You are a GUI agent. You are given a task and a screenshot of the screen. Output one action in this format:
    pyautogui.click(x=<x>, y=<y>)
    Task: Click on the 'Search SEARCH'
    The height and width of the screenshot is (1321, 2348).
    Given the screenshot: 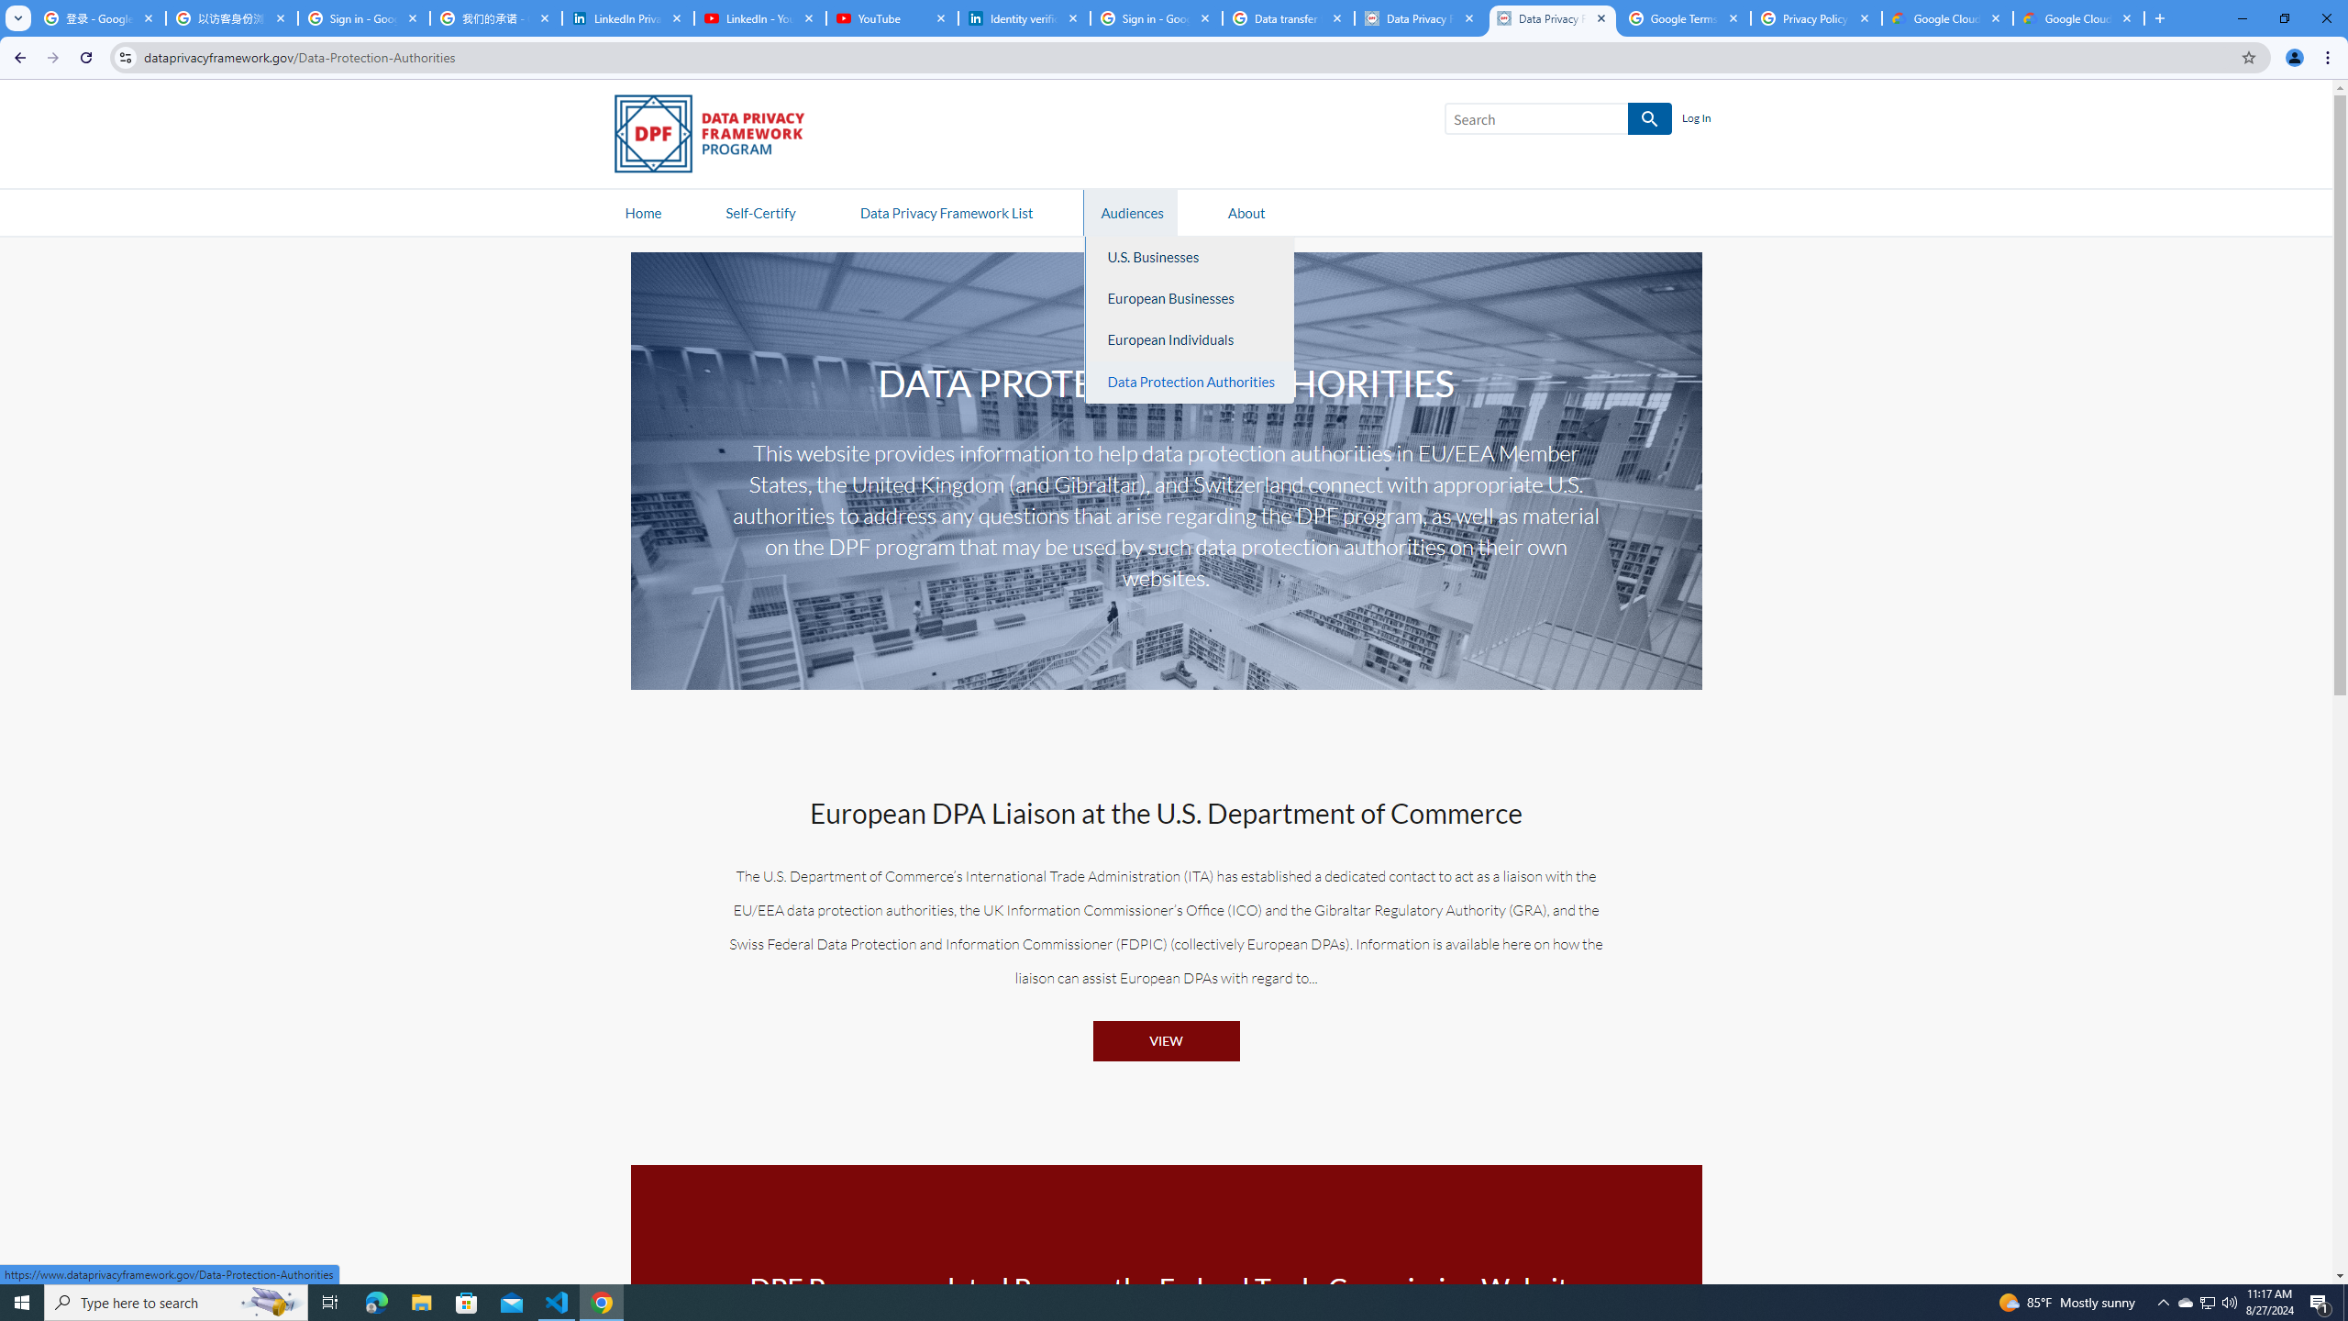 What is the action you would take?
    pyautogui.click(x=1556, y=122)
    